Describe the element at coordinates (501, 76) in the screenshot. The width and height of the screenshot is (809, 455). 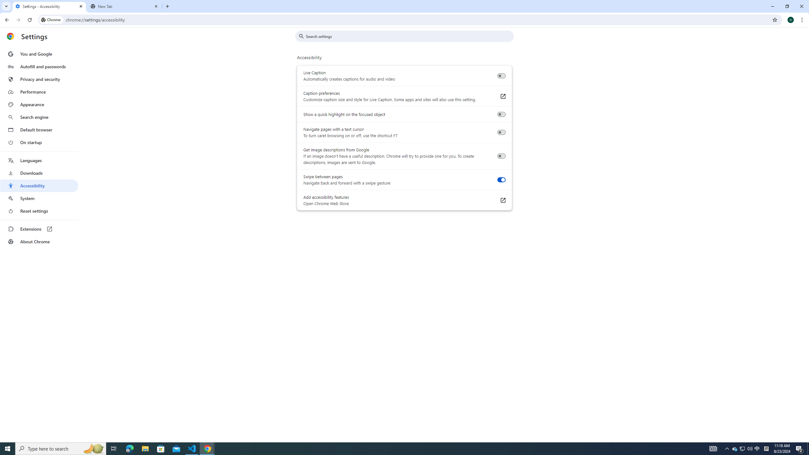
I see `'Live Caption'` at that location.